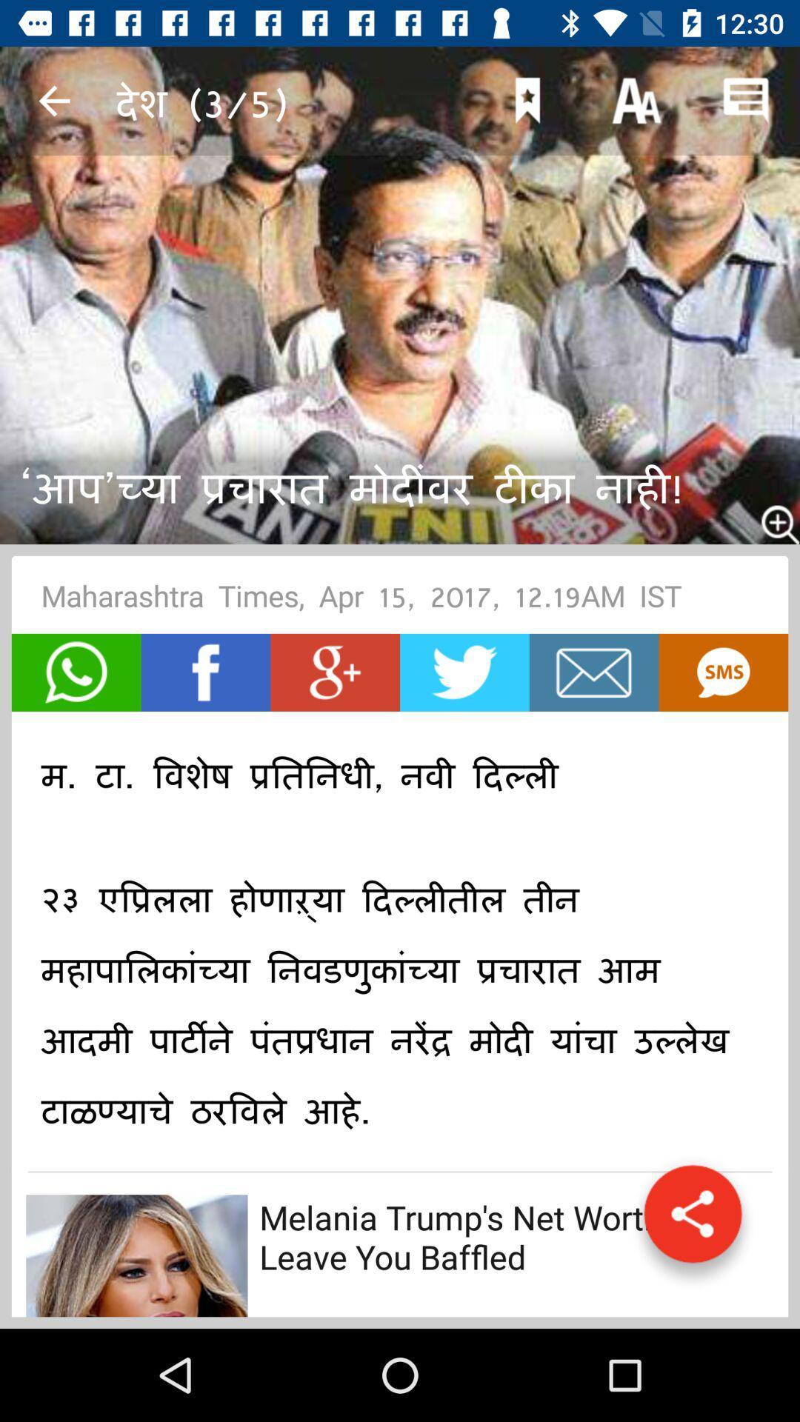 The height and width of the screenshot is (1422, 800). Describe the element at coordinates (722, 672) in the screenshot. I see `send a simple message service or send a text message` at that location.